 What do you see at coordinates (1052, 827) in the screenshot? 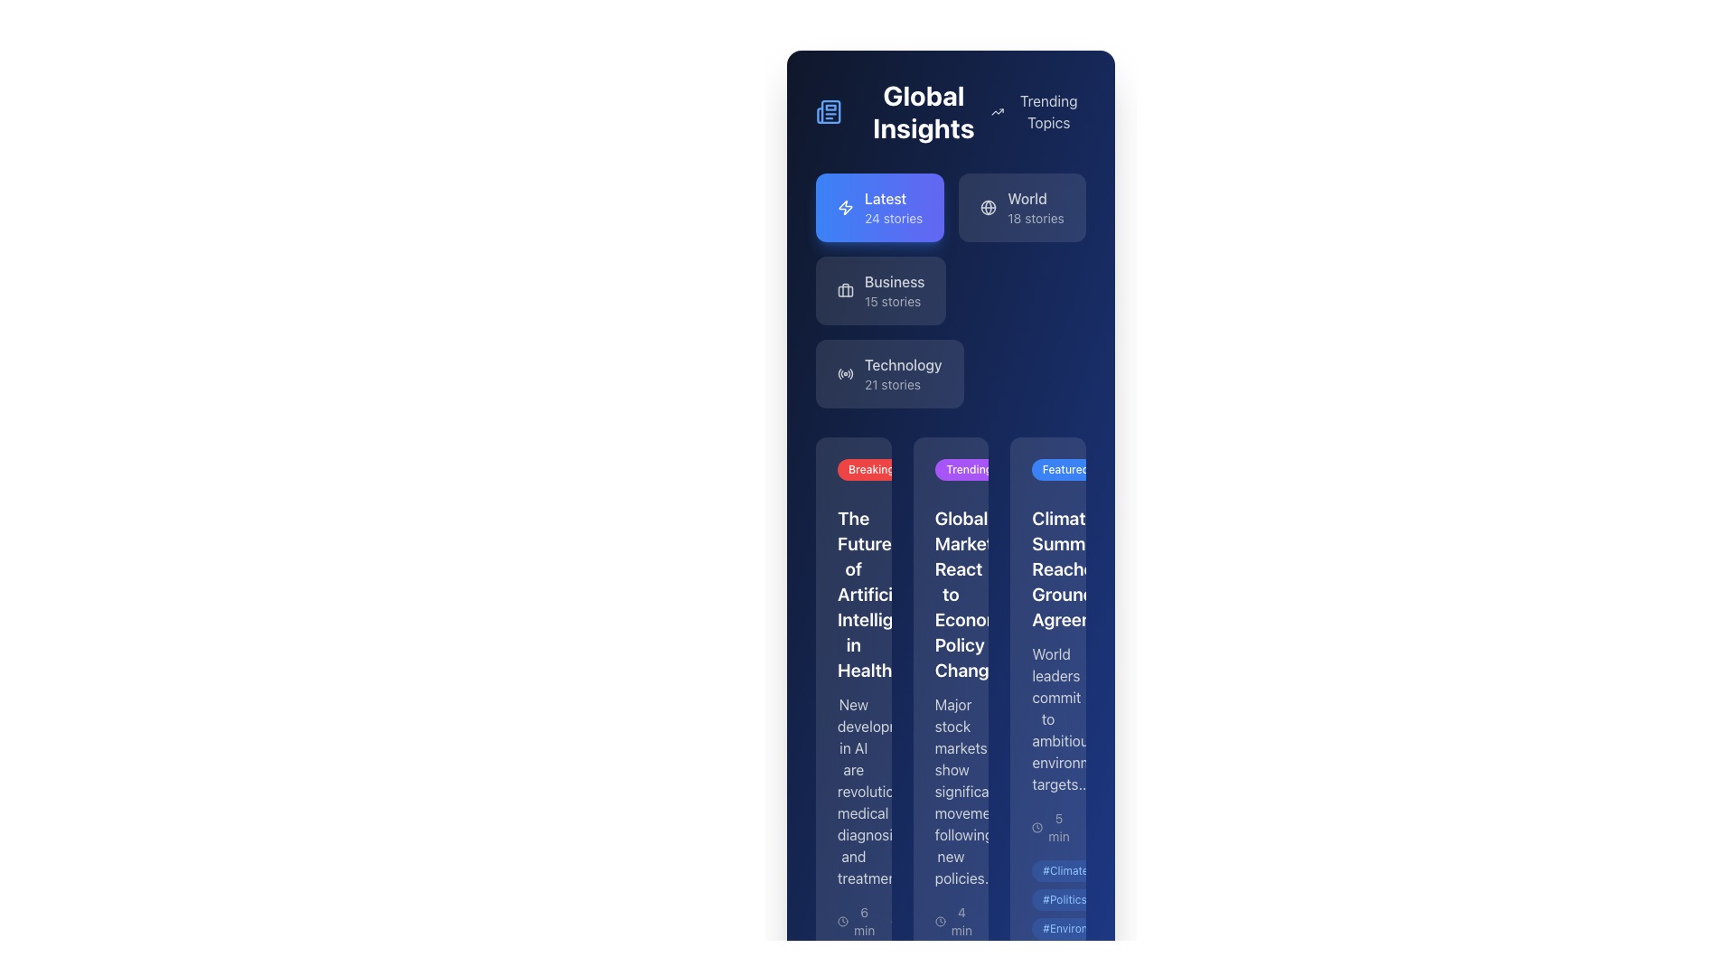
I see `the text label indicating the estimated reading or engagement time for the associated content, located at the bottom of the third vertical section of the interface` at bounding box center [1052, 827].